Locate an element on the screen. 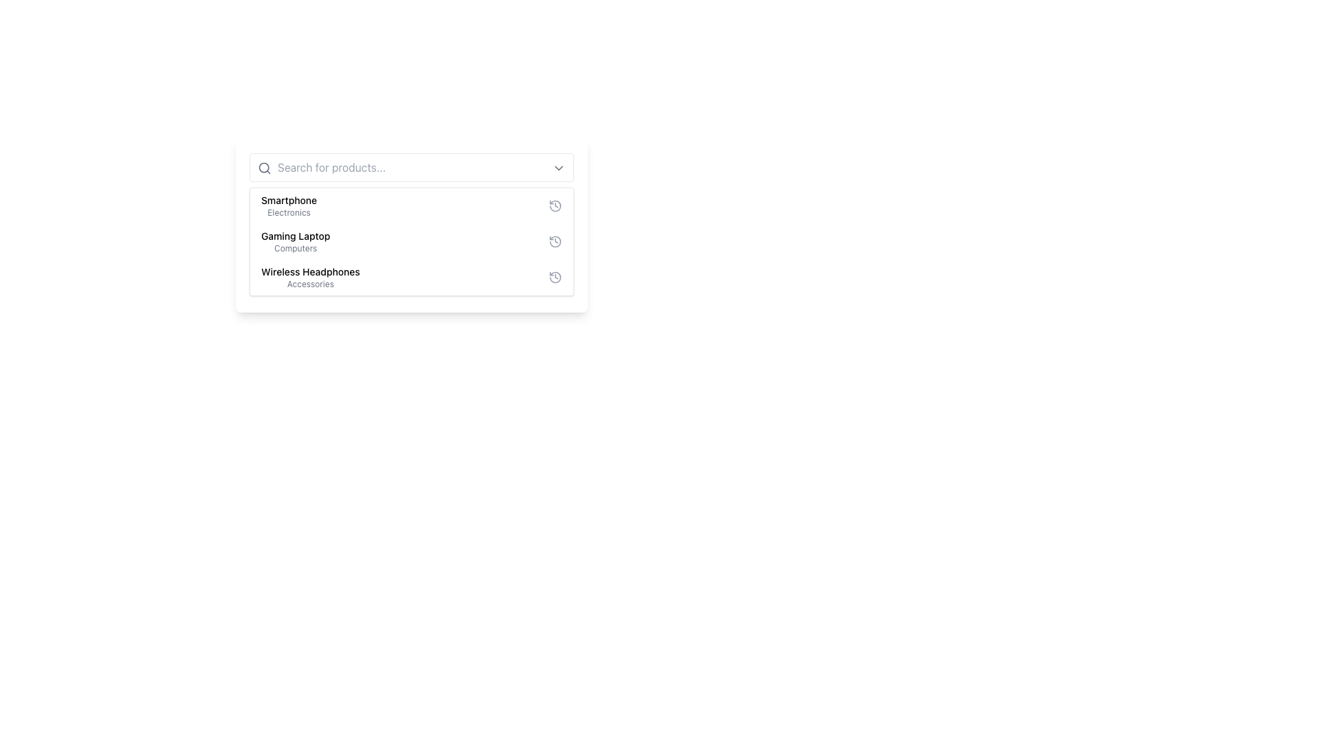  the magnifying glass icon located on the left side of the text input field within the search bar at the top section of the panel is located at coordinates (264, 168).